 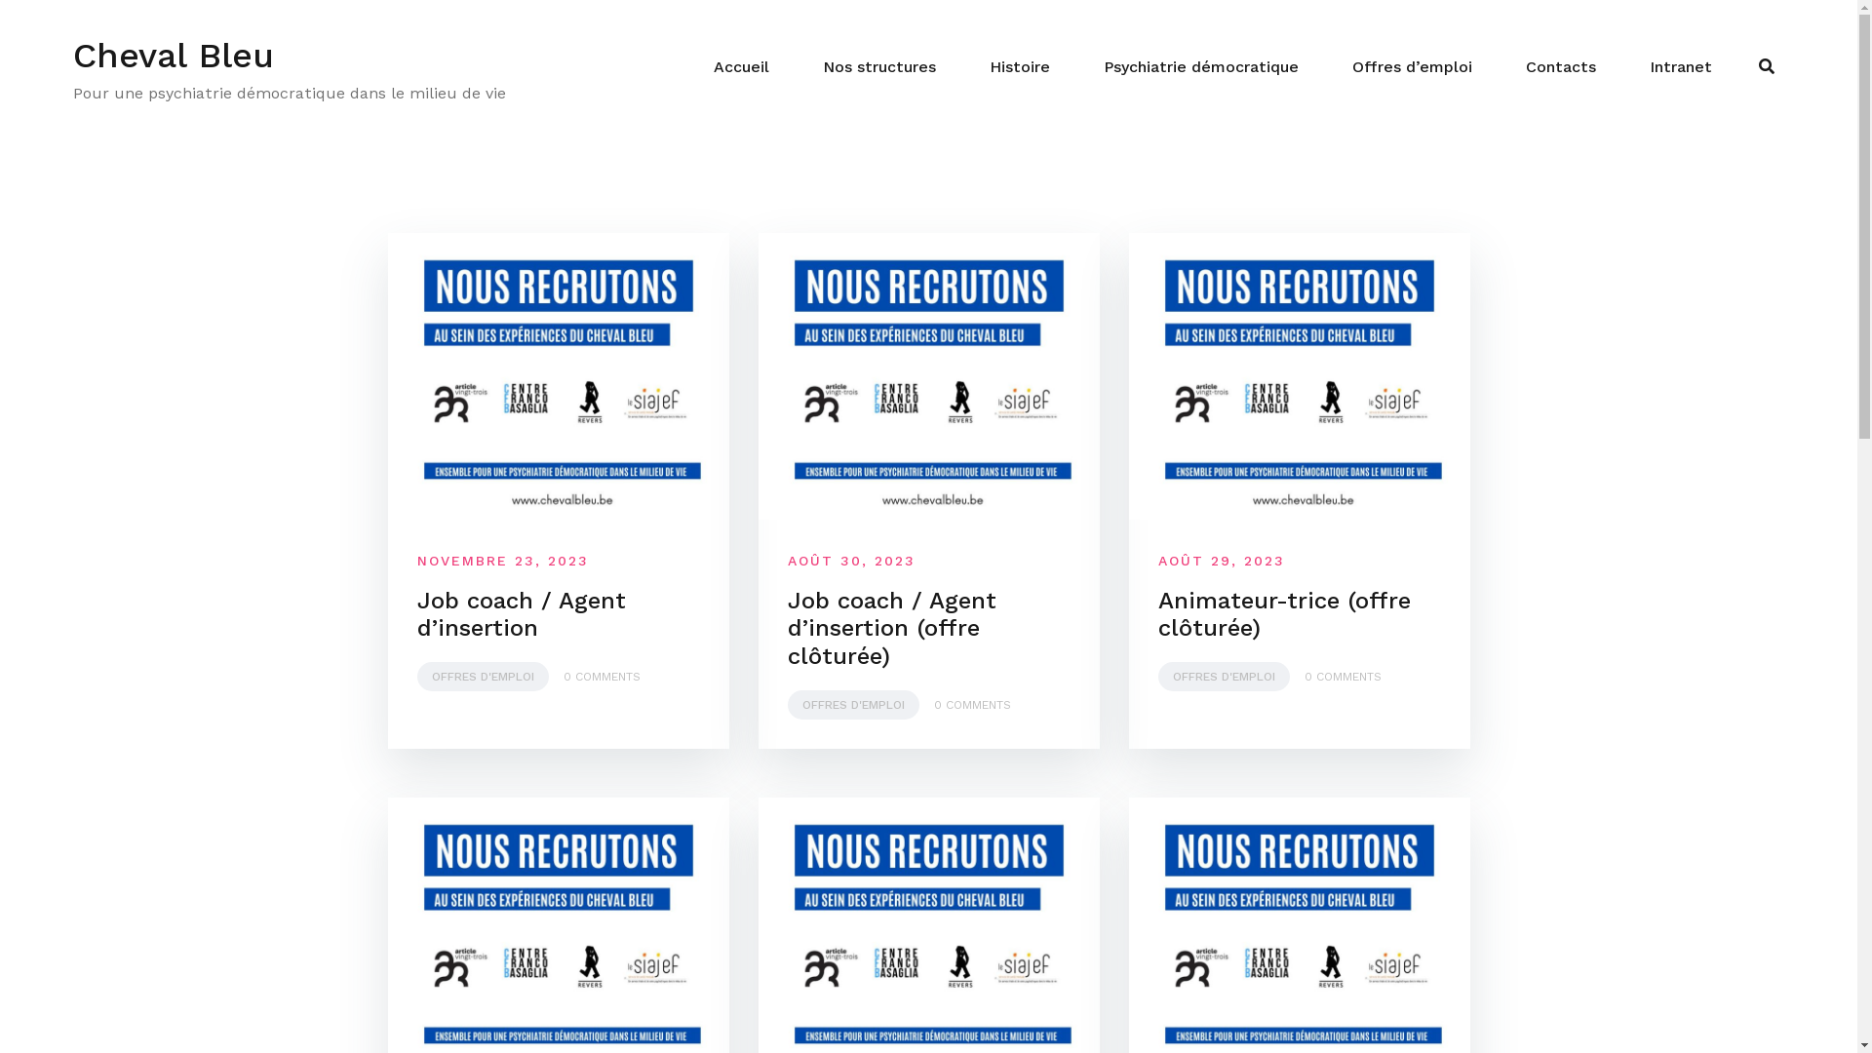 What do you see at coordinates (740, 66) in the screenshot?
I see `'Accueil'` at bounding box center [740, 66].